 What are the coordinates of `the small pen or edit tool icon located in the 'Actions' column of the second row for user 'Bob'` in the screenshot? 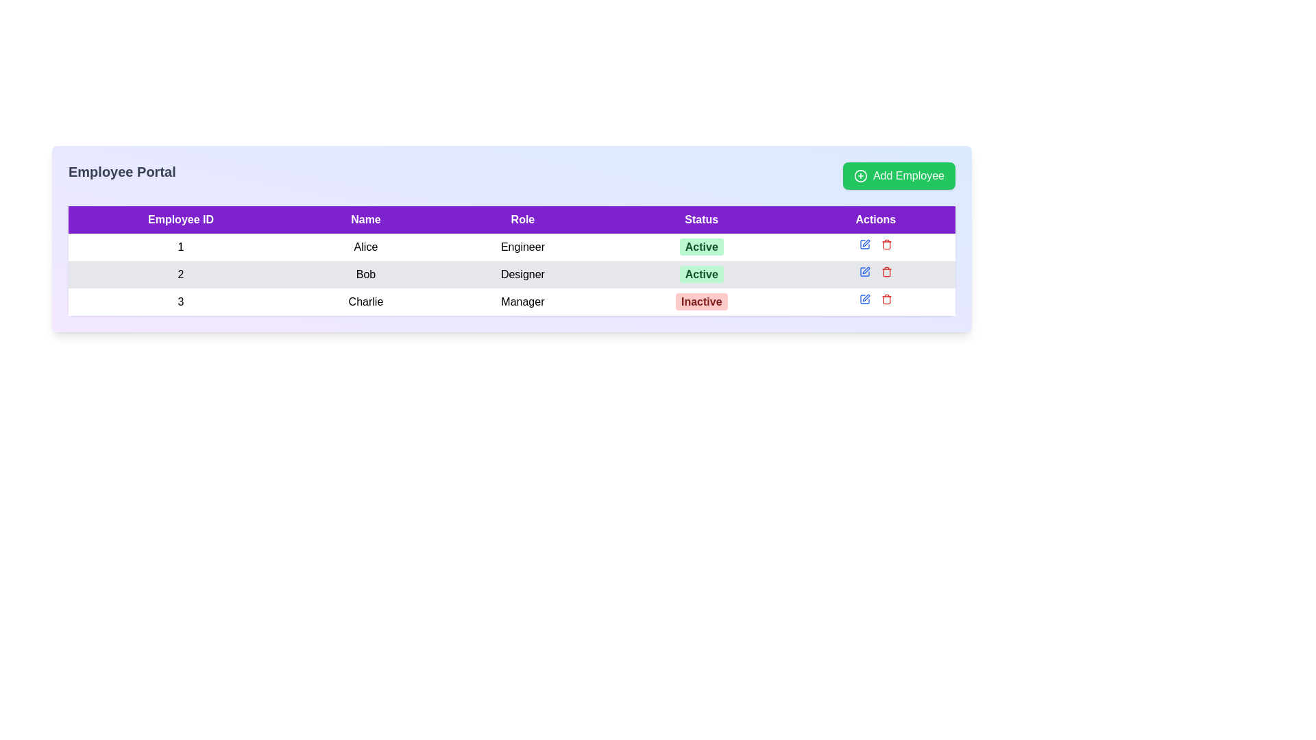 It's located at (865, 242).